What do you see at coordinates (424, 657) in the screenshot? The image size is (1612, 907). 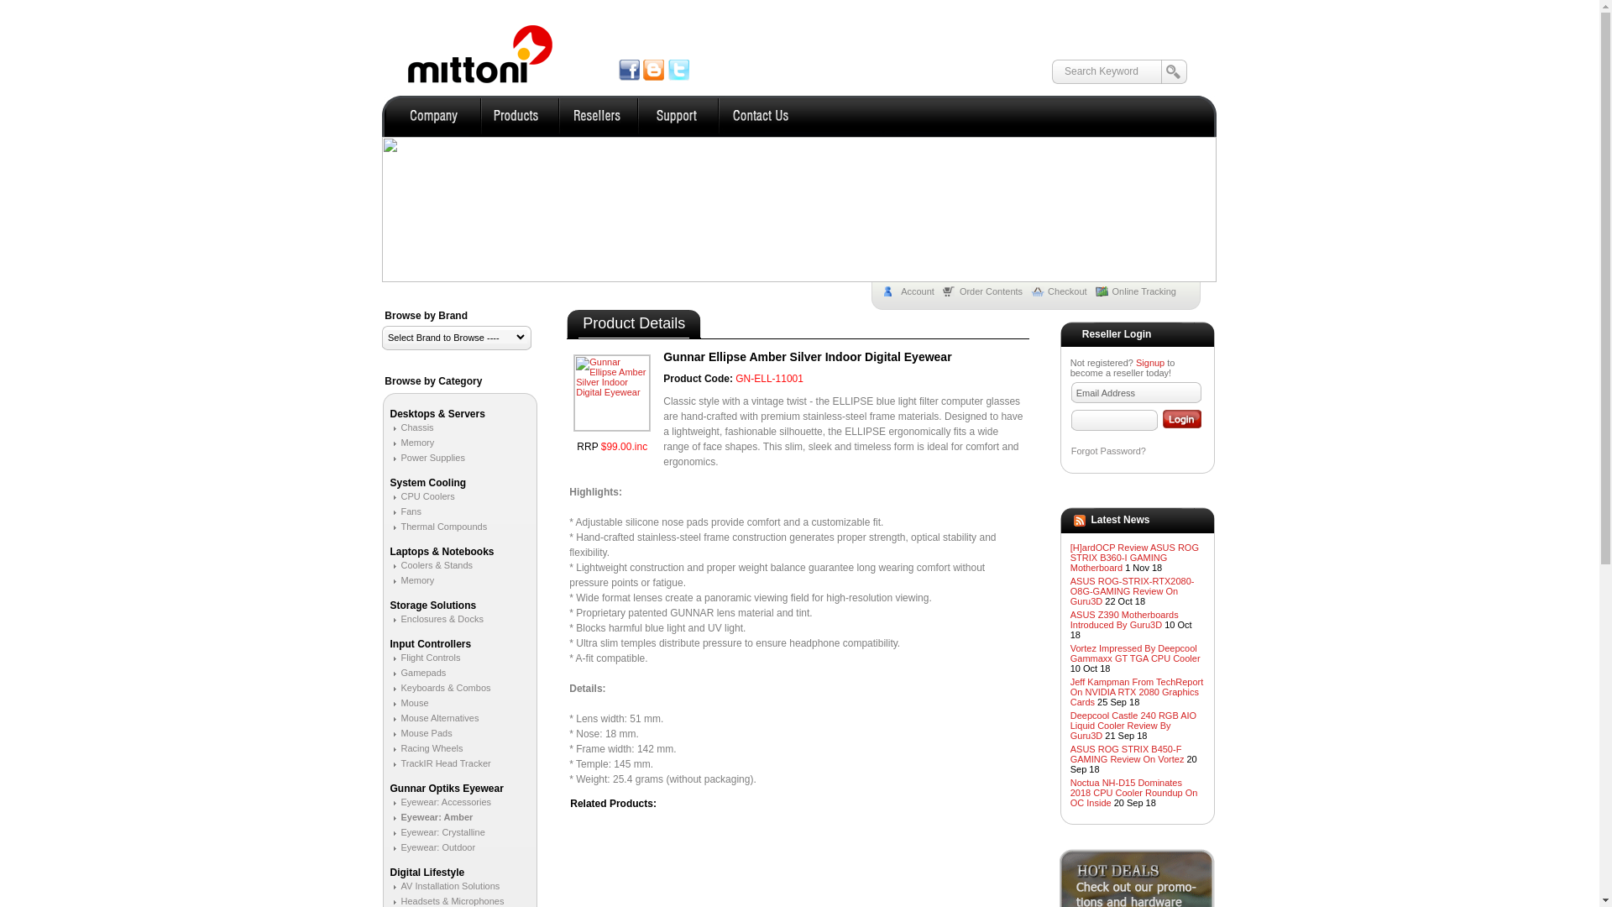 I see `'Flight Controls'` at bounding box center [424, 657].